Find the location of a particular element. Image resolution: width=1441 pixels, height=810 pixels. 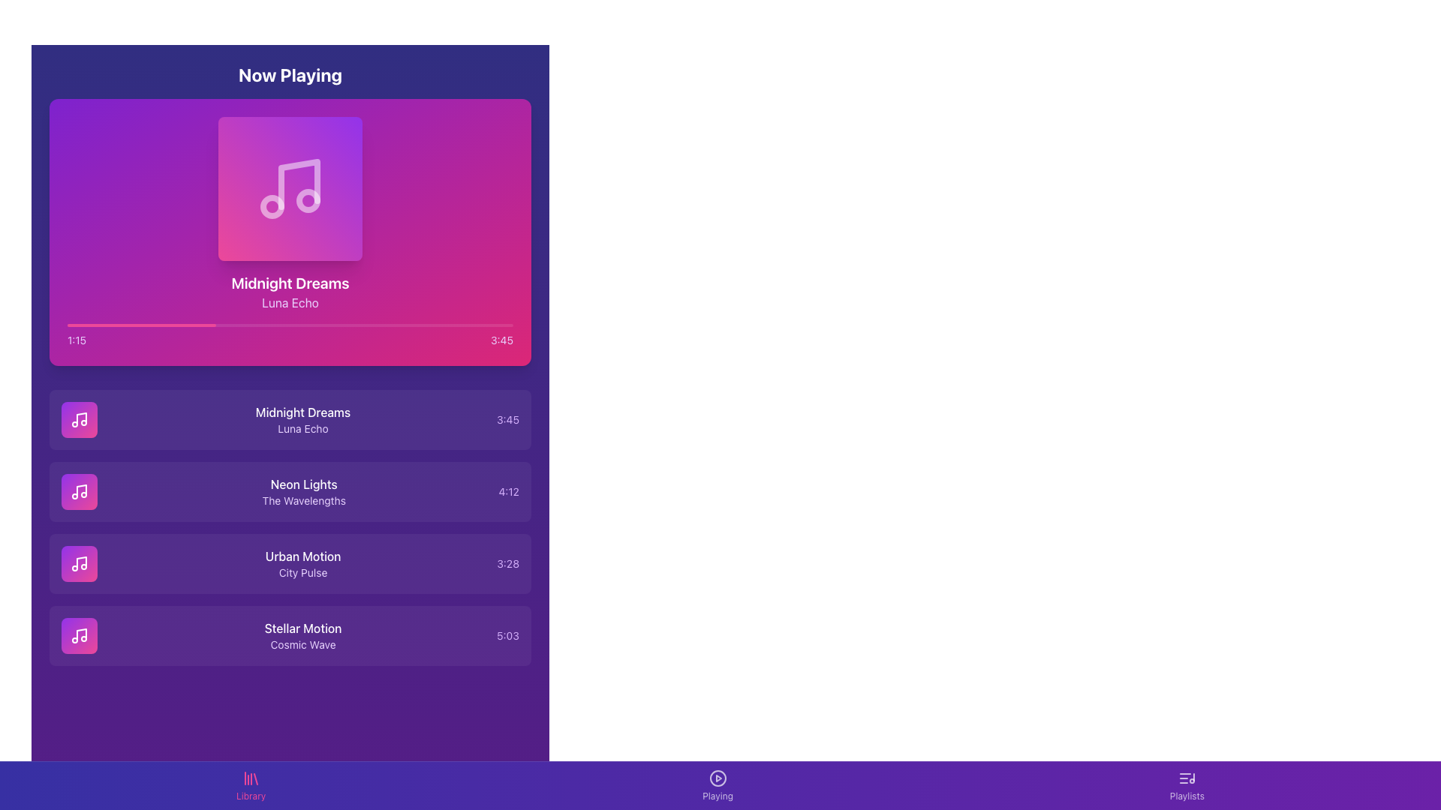

the third list item with the bold white text 'Urban Motion' and the subtitle 'City Pulse' is located at coordinates (290, 564).